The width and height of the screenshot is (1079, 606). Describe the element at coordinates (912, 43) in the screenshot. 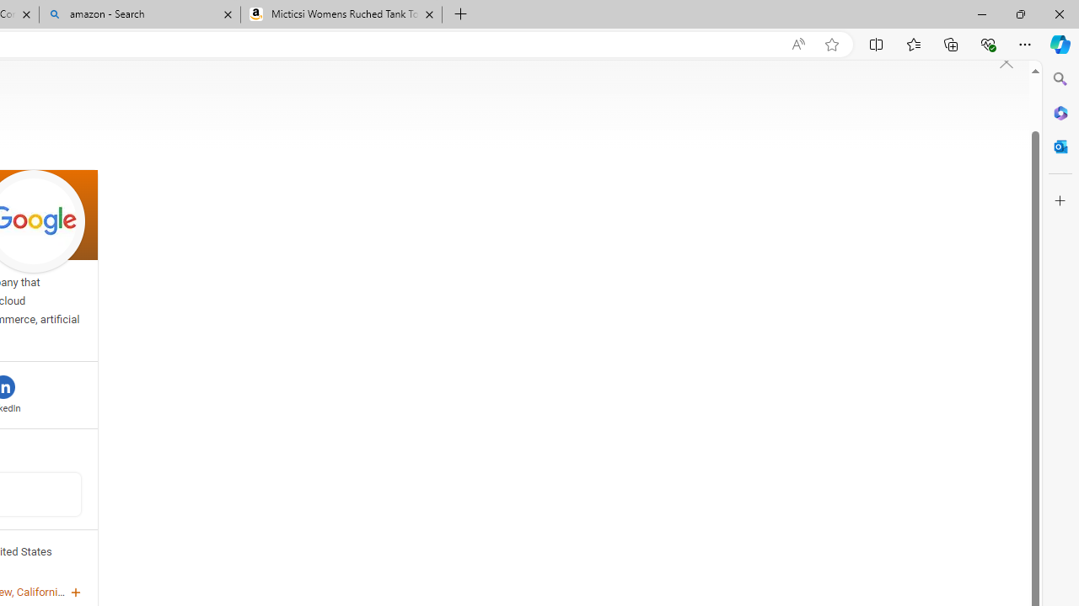

I see `'Favorites'` at that location.